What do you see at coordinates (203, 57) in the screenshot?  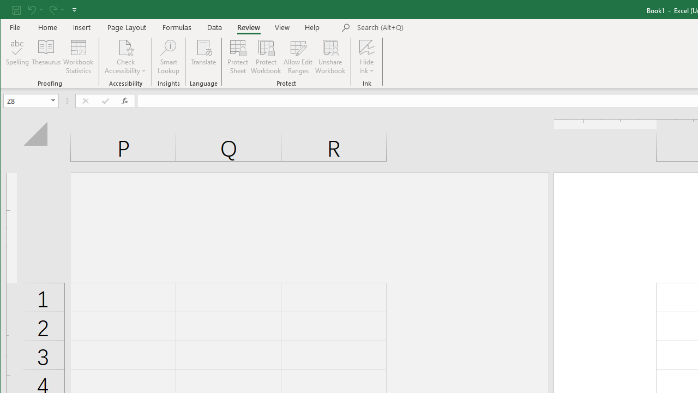 I see `'Translate'` at bounding box center [203, 57].